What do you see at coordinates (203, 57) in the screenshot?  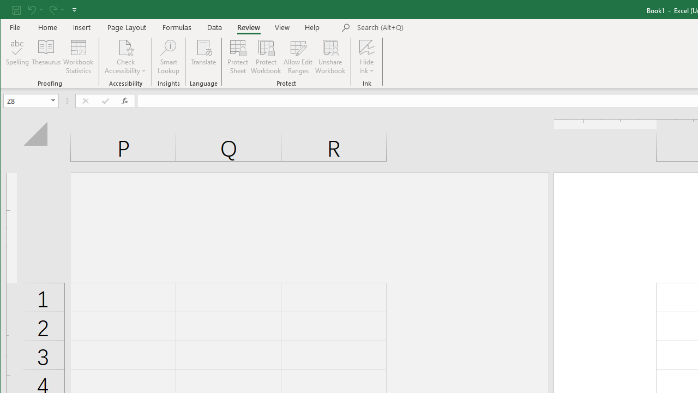 I see `'Translate'` at bounding box center [203, 57].